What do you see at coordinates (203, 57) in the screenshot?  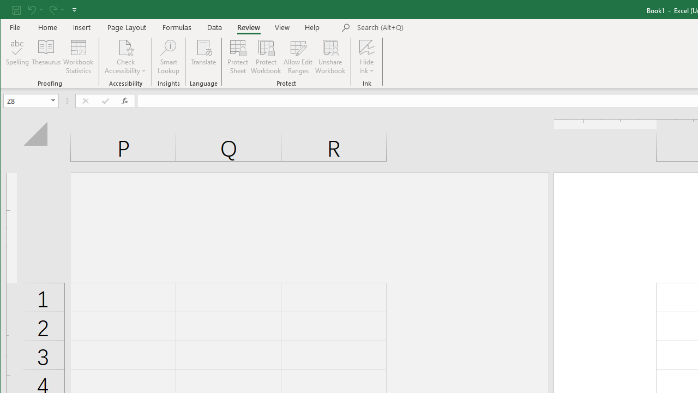 I see `'Translate'` at bounding box center [203, 57].